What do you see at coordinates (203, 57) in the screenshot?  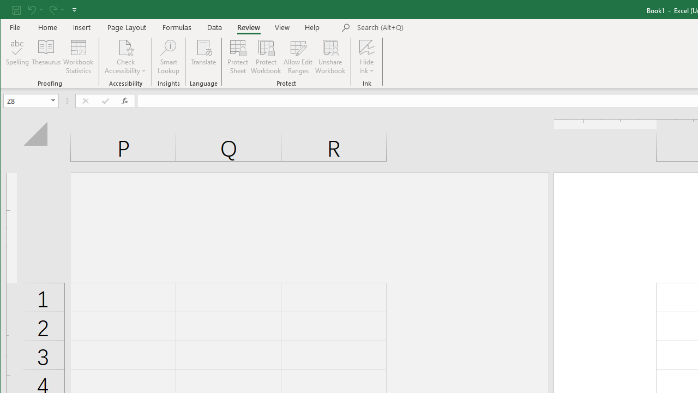 I see `'Translate'` at bounding box center [203, 57].